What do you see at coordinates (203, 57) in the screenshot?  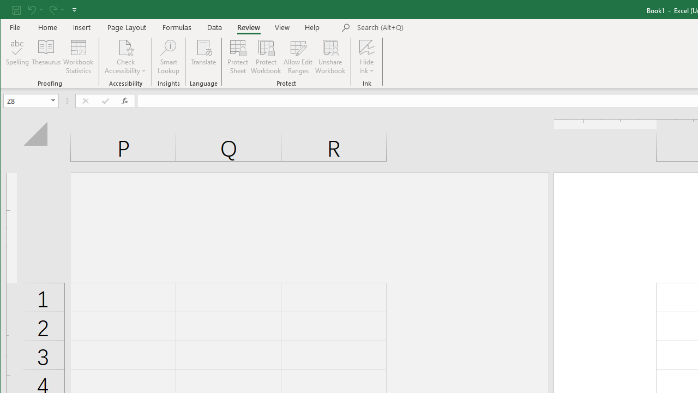 I see `'Translate'` at bounding box center [203, 57].